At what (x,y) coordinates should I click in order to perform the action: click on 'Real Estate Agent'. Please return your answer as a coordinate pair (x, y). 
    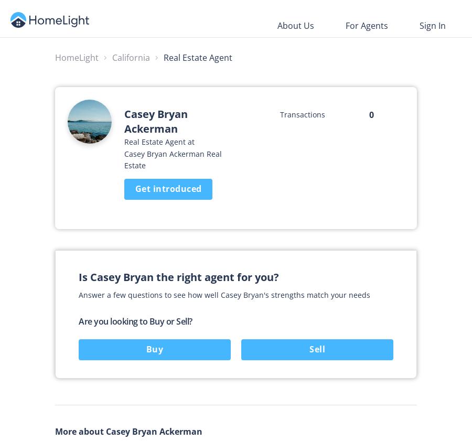
    Looking at the image, I should click on (198, 57).